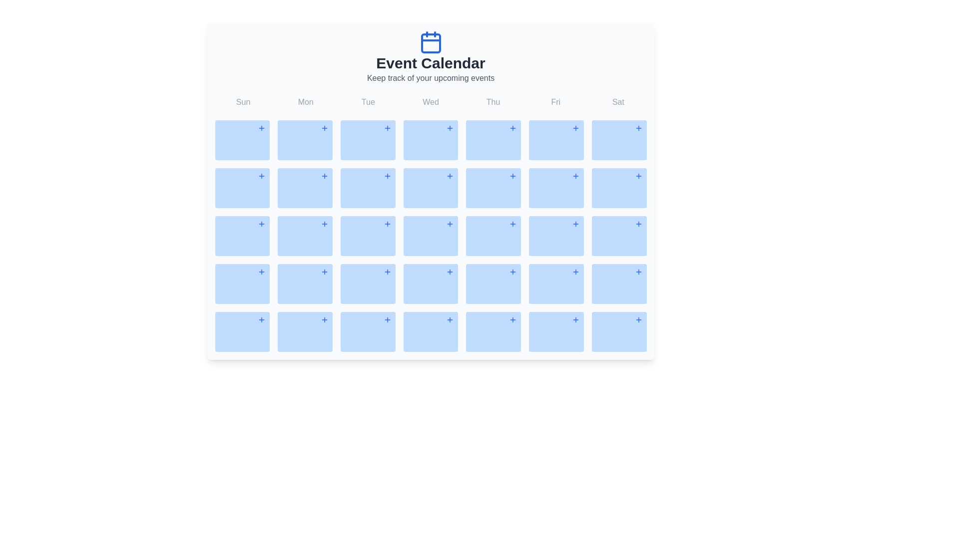 This screenshot has height=539, width=959. I want to click on the static text label displaying 'Mon', which is centrally aligned in a medium-weight grey font and located in the second position of the row of weekday labels at the top of the calendar grid, so click(305, 102).